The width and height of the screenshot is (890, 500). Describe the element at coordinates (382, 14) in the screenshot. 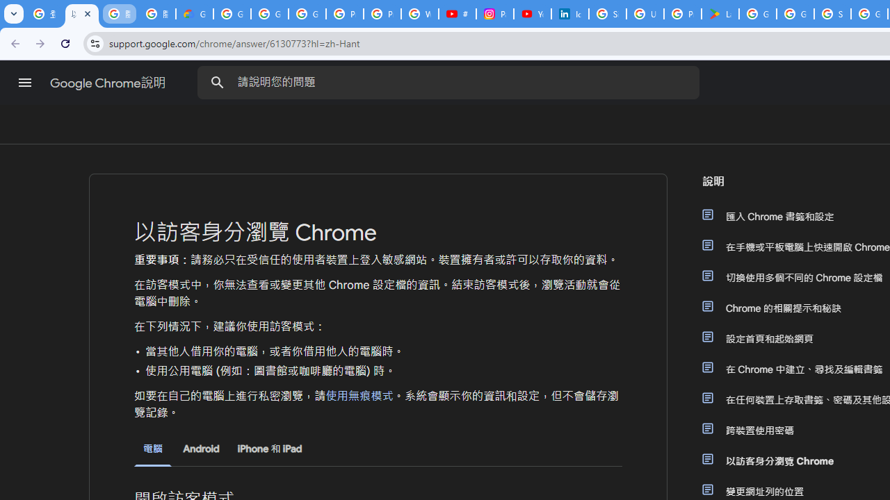

I see `'Privacy Help Center - Policies Help'` at that location.